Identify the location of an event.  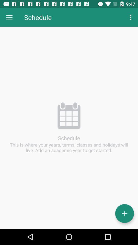
(124, 213).